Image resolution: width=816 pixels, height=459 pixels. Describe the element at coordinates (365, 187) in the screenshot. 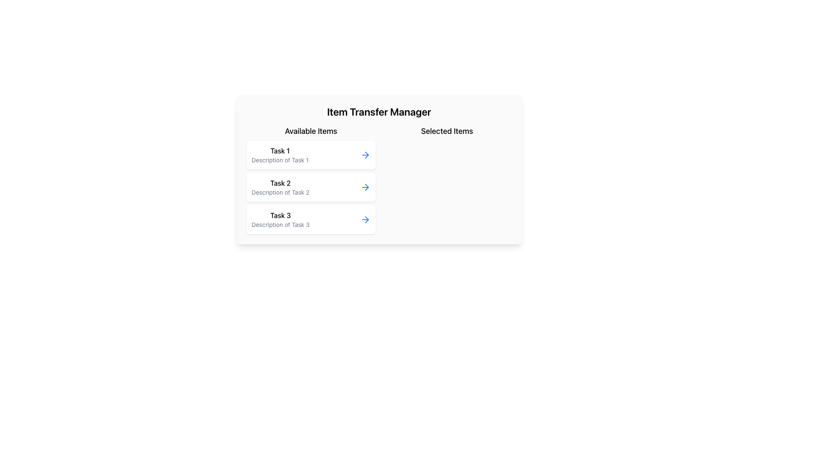

I see `the blue right-facing arrow icon button located in the 'Available Items' section next to 'Task 2' to potentially display a tooltip` at that location.